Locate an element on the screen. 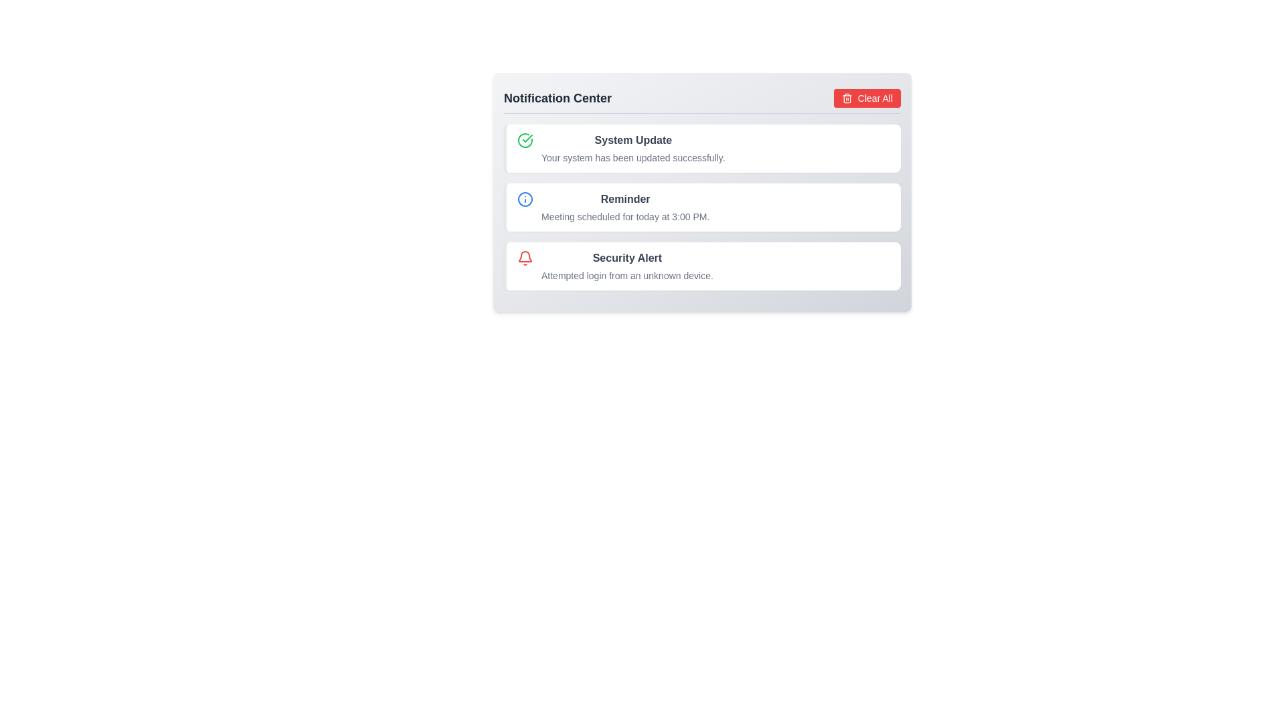 This screenshot has width=1285, height=723. the circular information icon with a blue outline and white interior located within the second notification card in the notification center is located at coordinates (525, 199).